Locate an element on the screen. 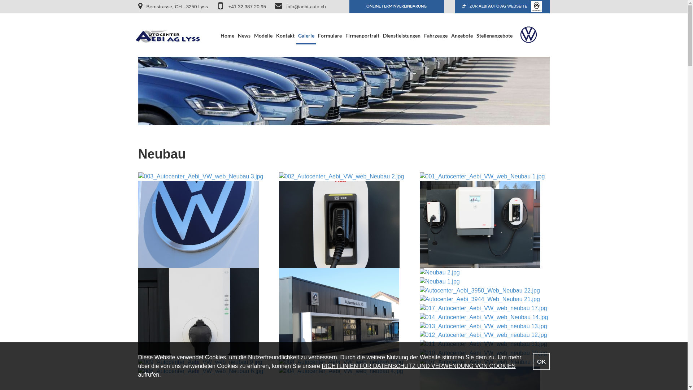  'ONLINE TERMINVEREINBARUNG' is located at coordinates (396, 6).